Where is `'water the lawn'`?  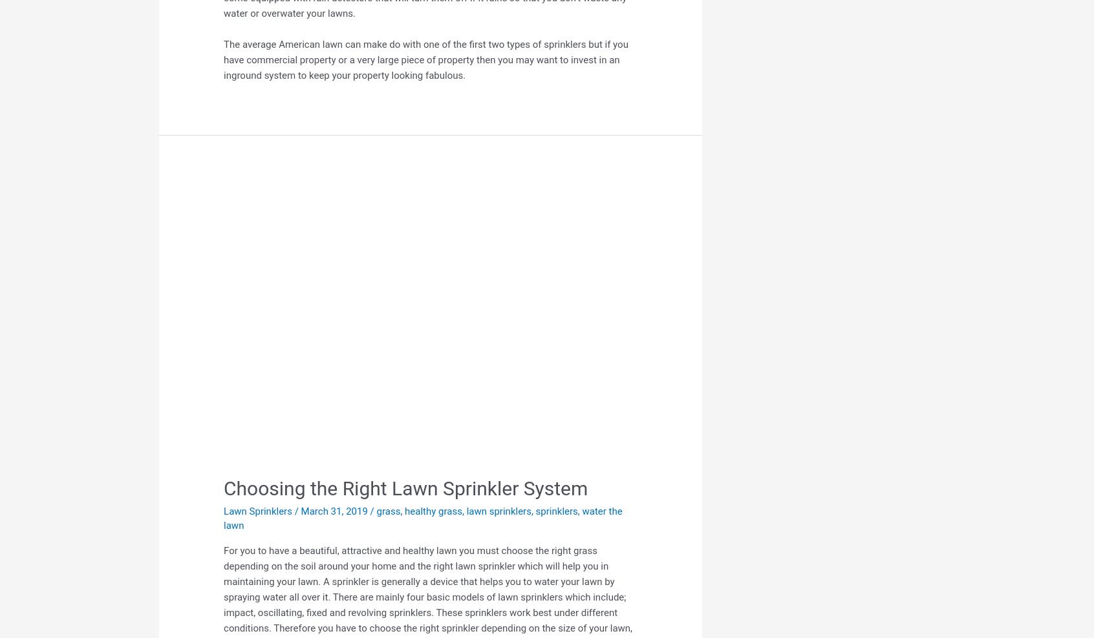
'water the lawn' is located at coordinates (422, 518).